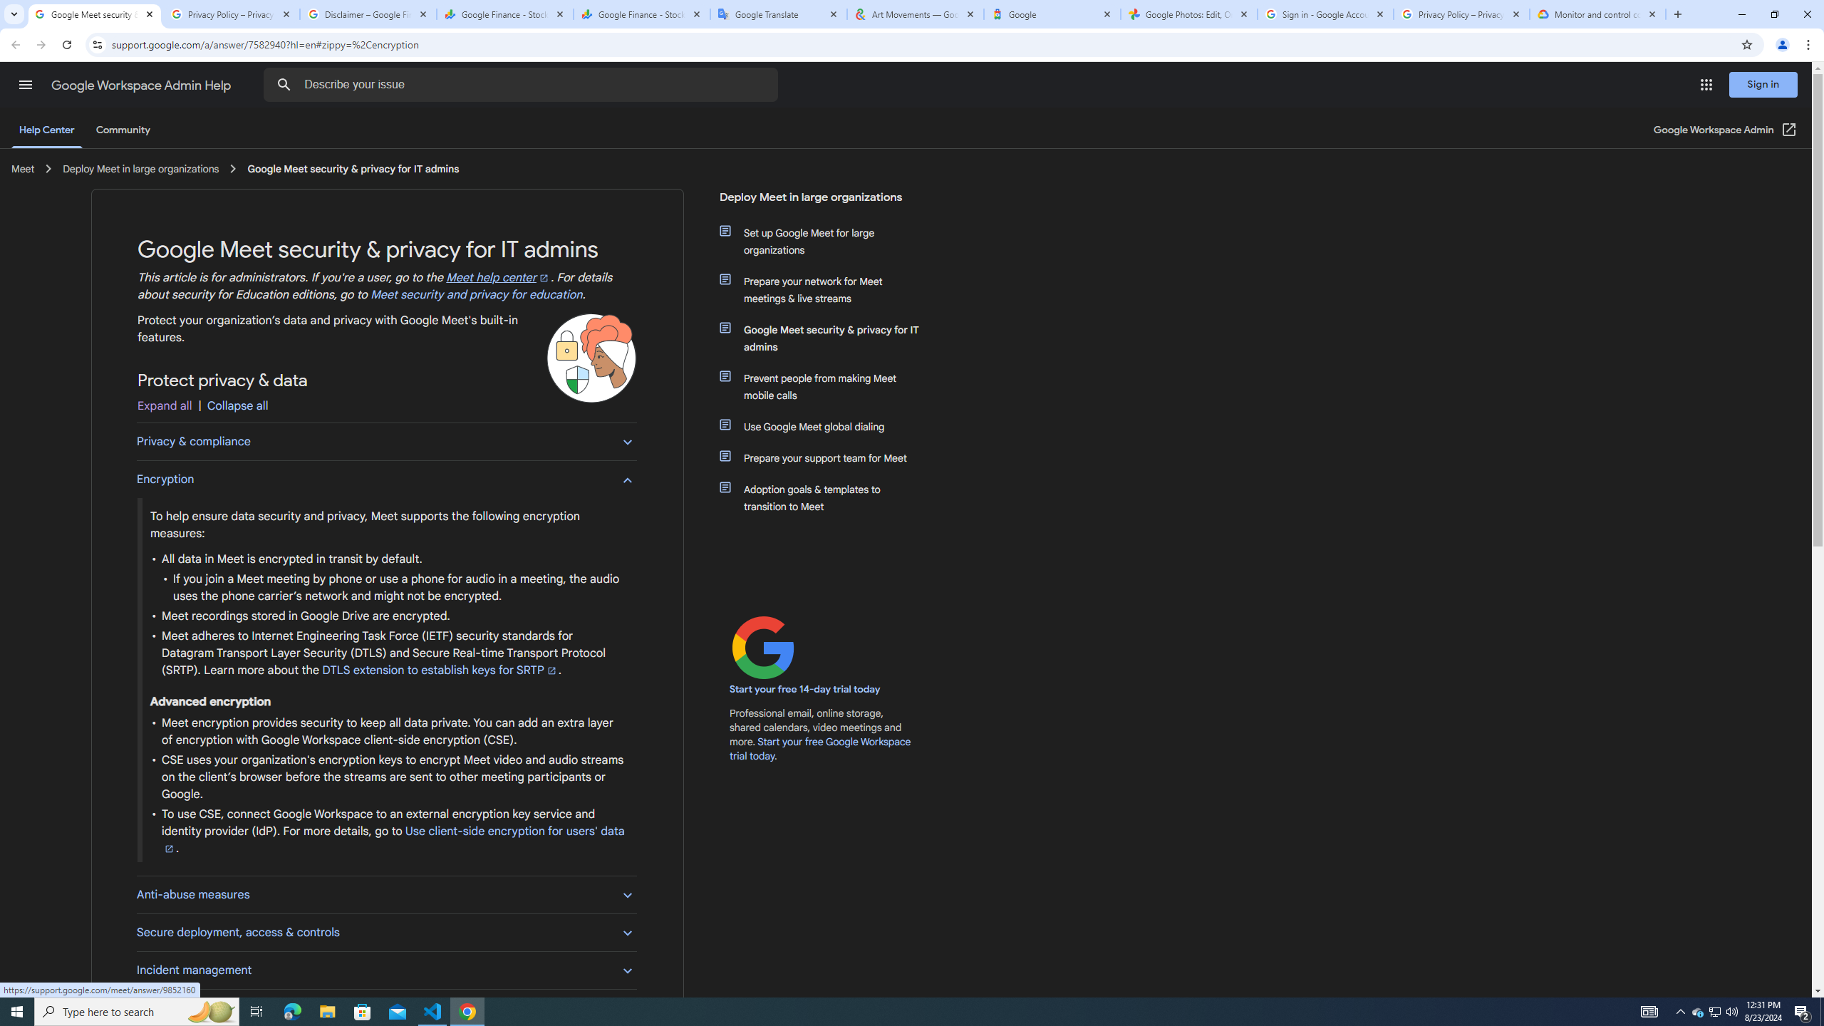 This screenshot has width=1824, height=1026. I want to click on 'Encryption', so click(386, 478).